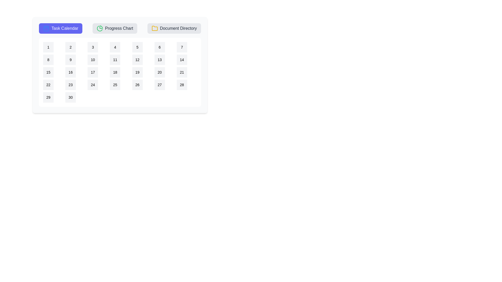  I want to click on the calendar date 22, so click(48, 84).